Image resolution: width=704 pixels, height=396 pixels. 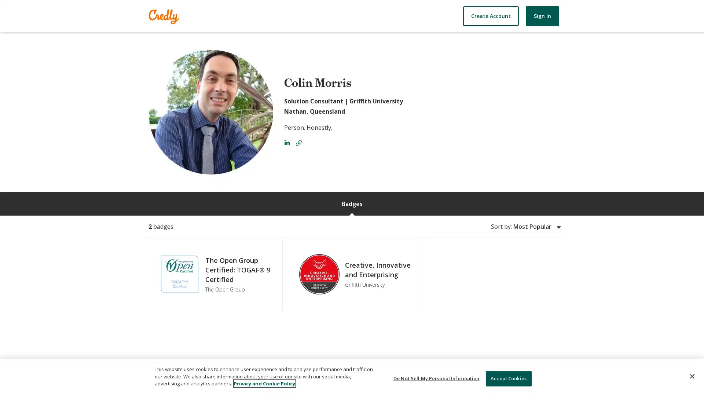 What do you see at coordinates (508, 378) in the screenshot?
I see `Accept Cookies` at bounding box center [508, 378].